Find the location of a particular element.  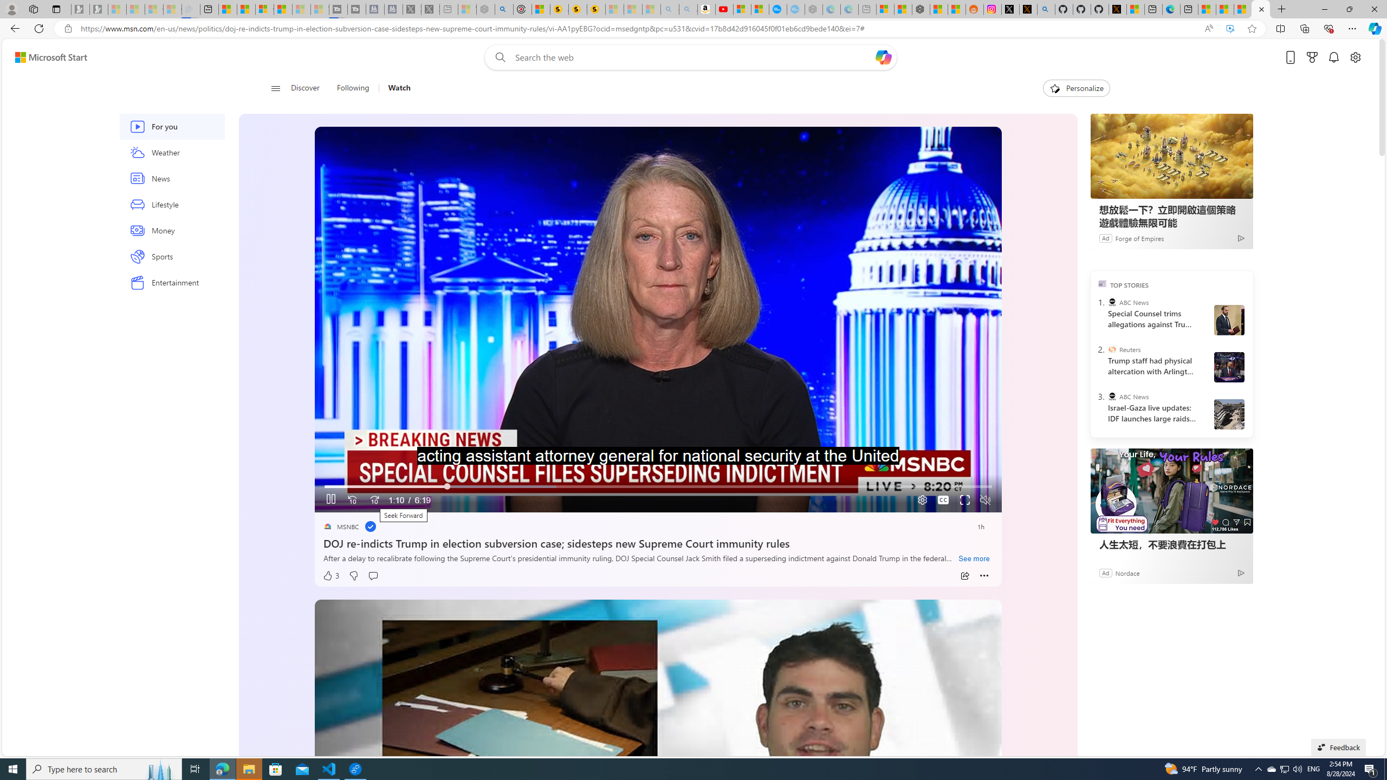

'Unmute' is located at coordinates (985, 499).